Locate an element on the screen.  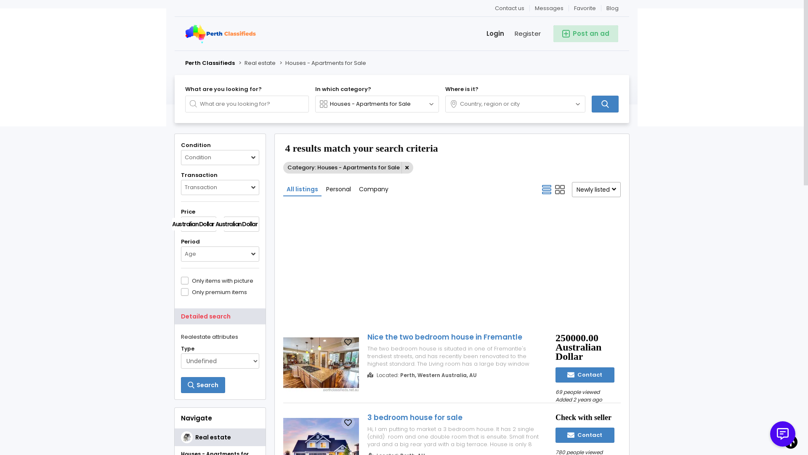
'Contact' is located at coordinates (585, 375).